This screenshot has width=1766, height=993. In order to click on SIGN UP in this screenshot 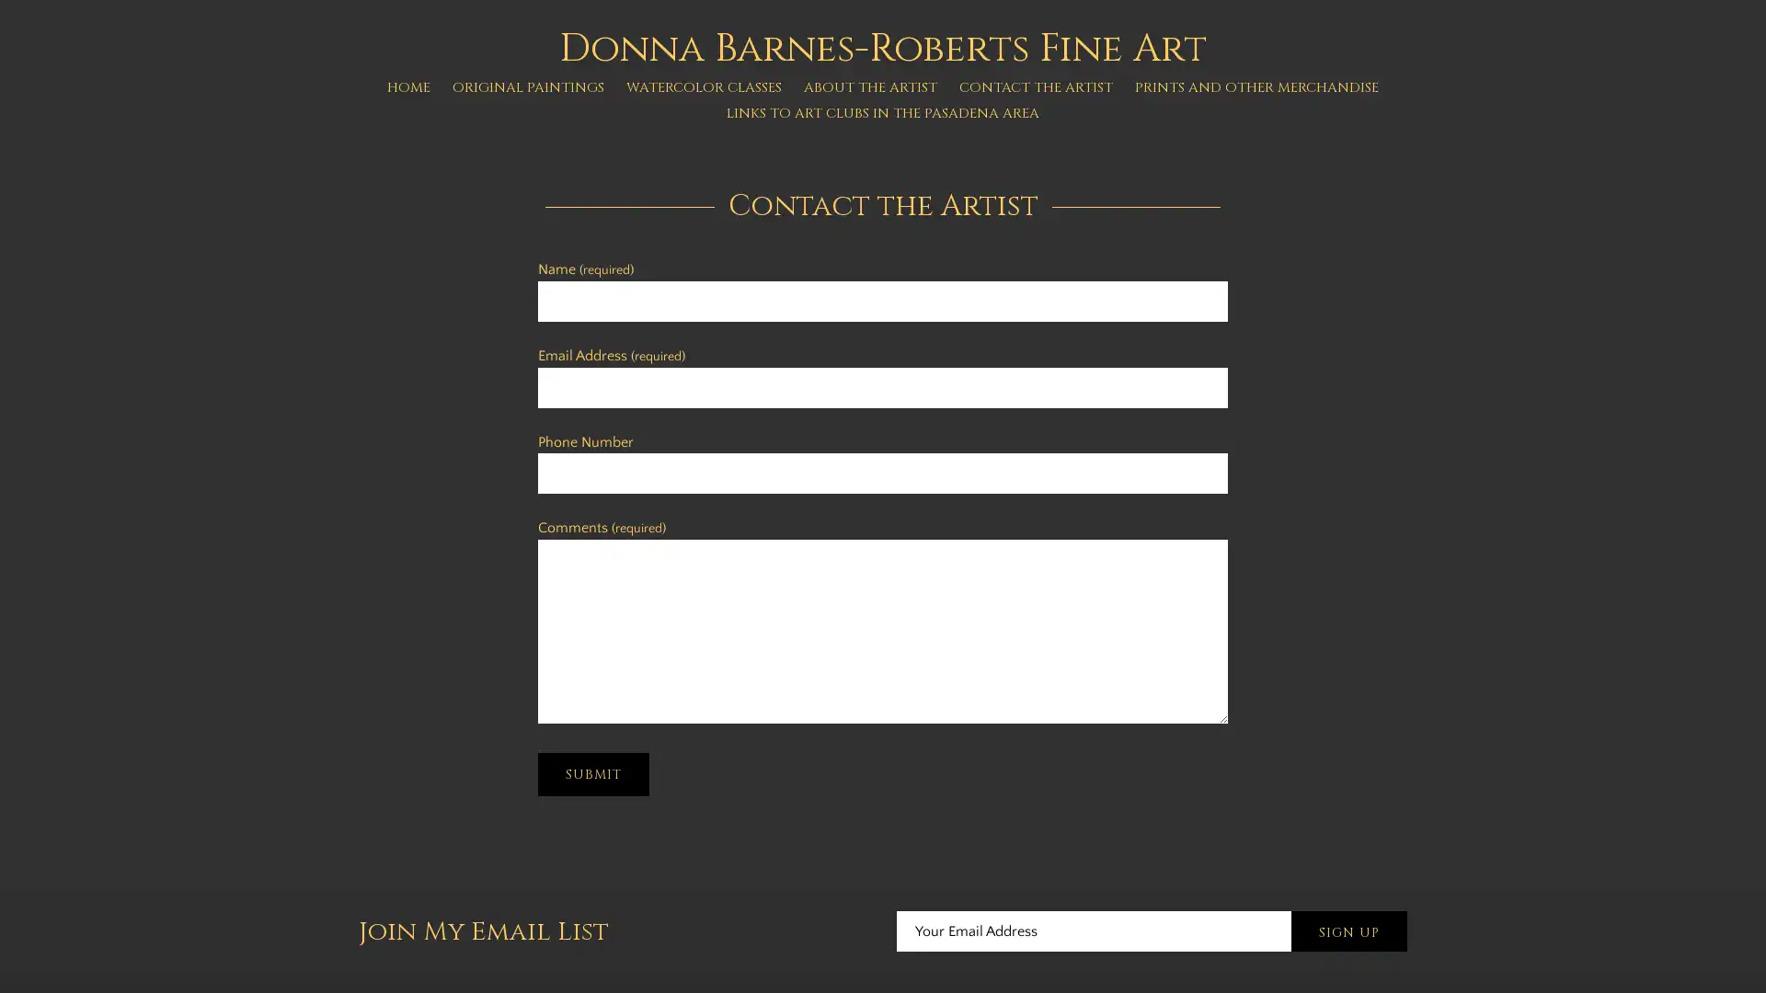, I will do `click(1349, 932)`.